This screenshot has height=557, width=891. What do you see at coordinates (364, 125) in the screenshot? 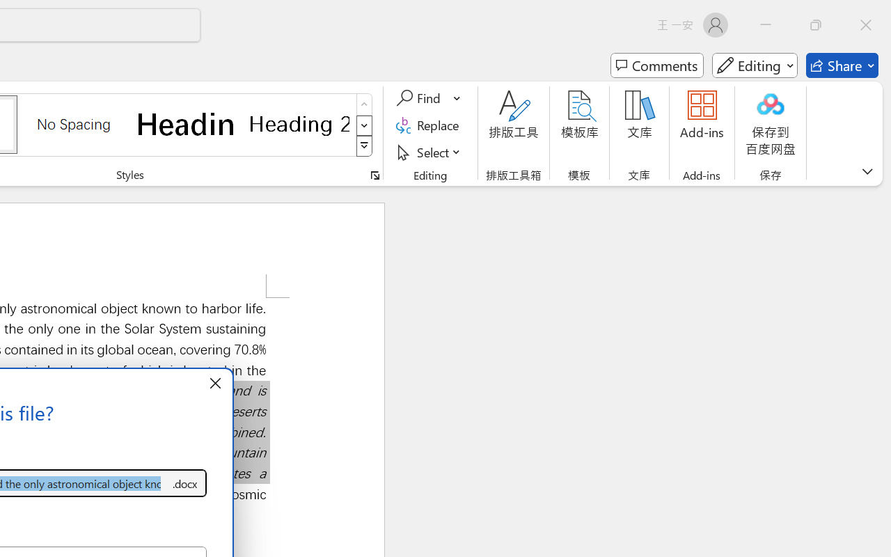
I see `'Row Down'` at bounding box center [364, 125].